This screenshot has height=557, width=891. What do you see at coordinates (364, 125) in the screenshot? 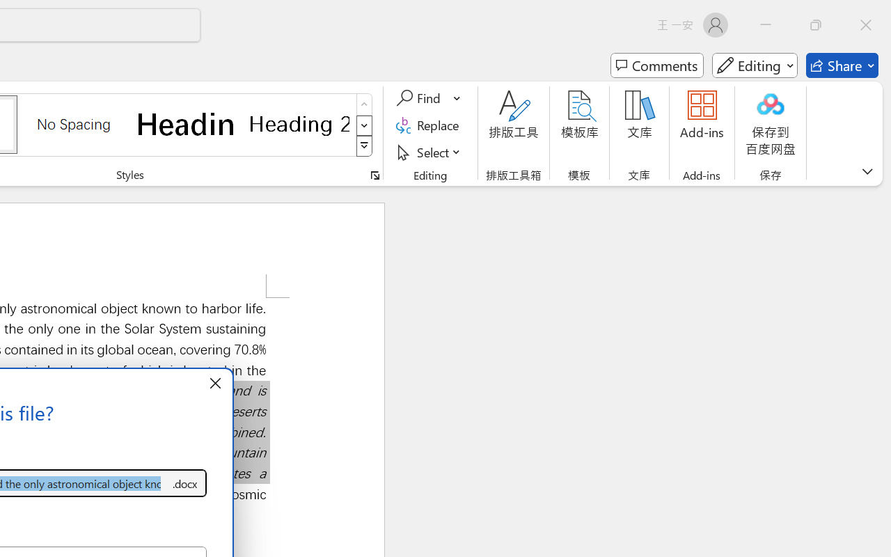
I see `'Row Down'` at bounding box center [364, 125].